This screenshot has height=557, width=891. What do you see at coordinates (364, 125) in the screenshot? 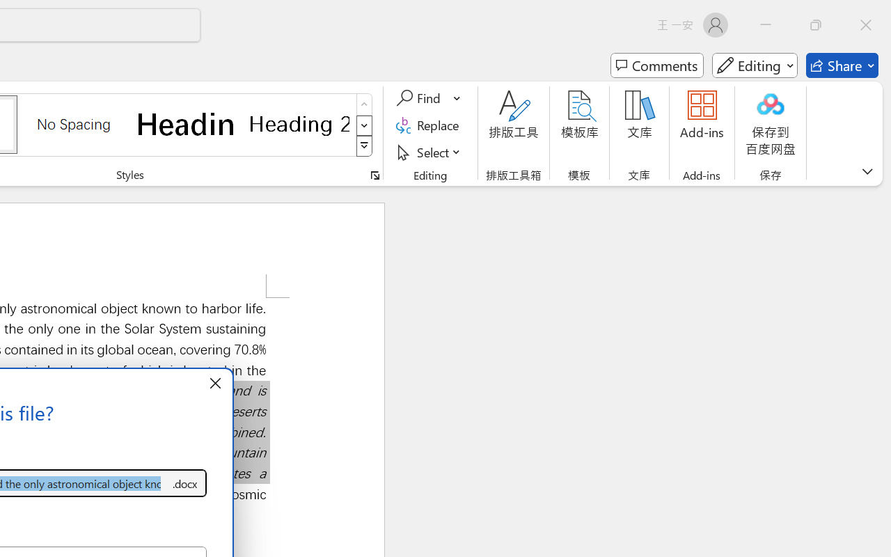
I see `'Row Down'` at bounding box center [364, 125].